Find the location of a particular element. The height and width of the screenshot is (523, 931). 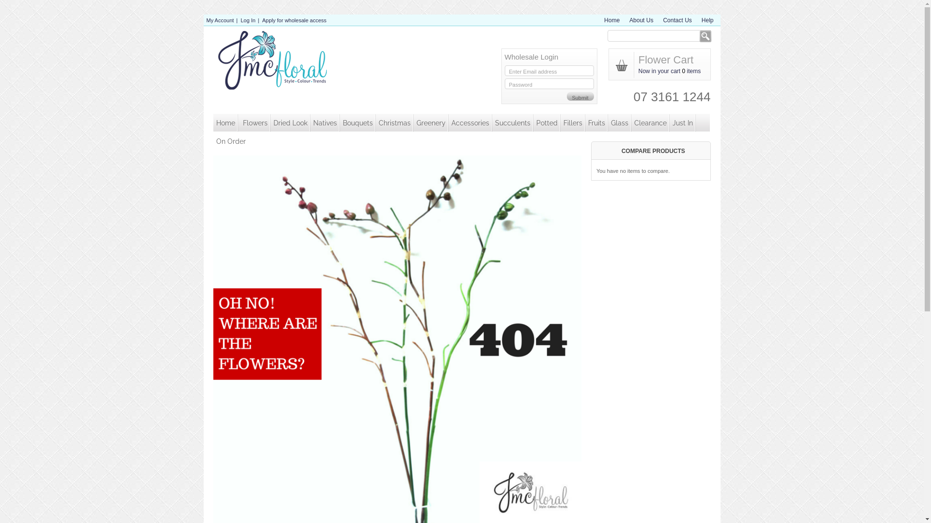

'Christmas' is located at coordinates (374, 123).